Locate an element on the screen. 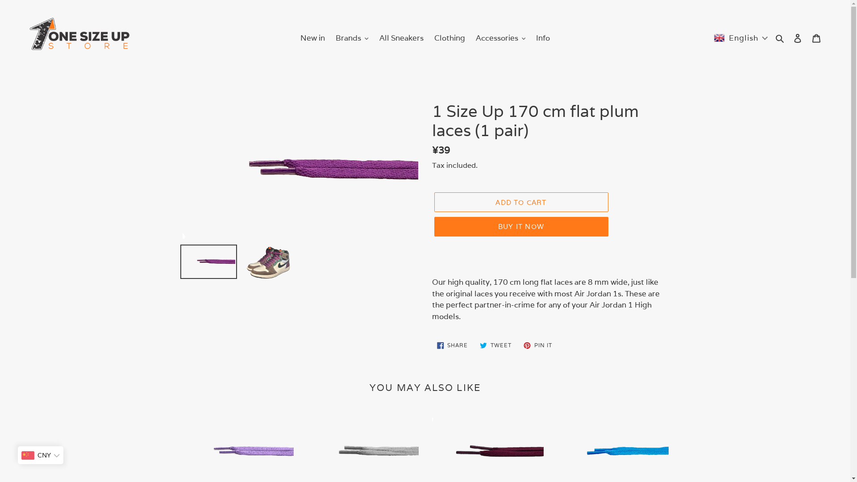 The width and height of the screenshot is (857, 482). 'PIN IT is located at coordinates (537, 345).